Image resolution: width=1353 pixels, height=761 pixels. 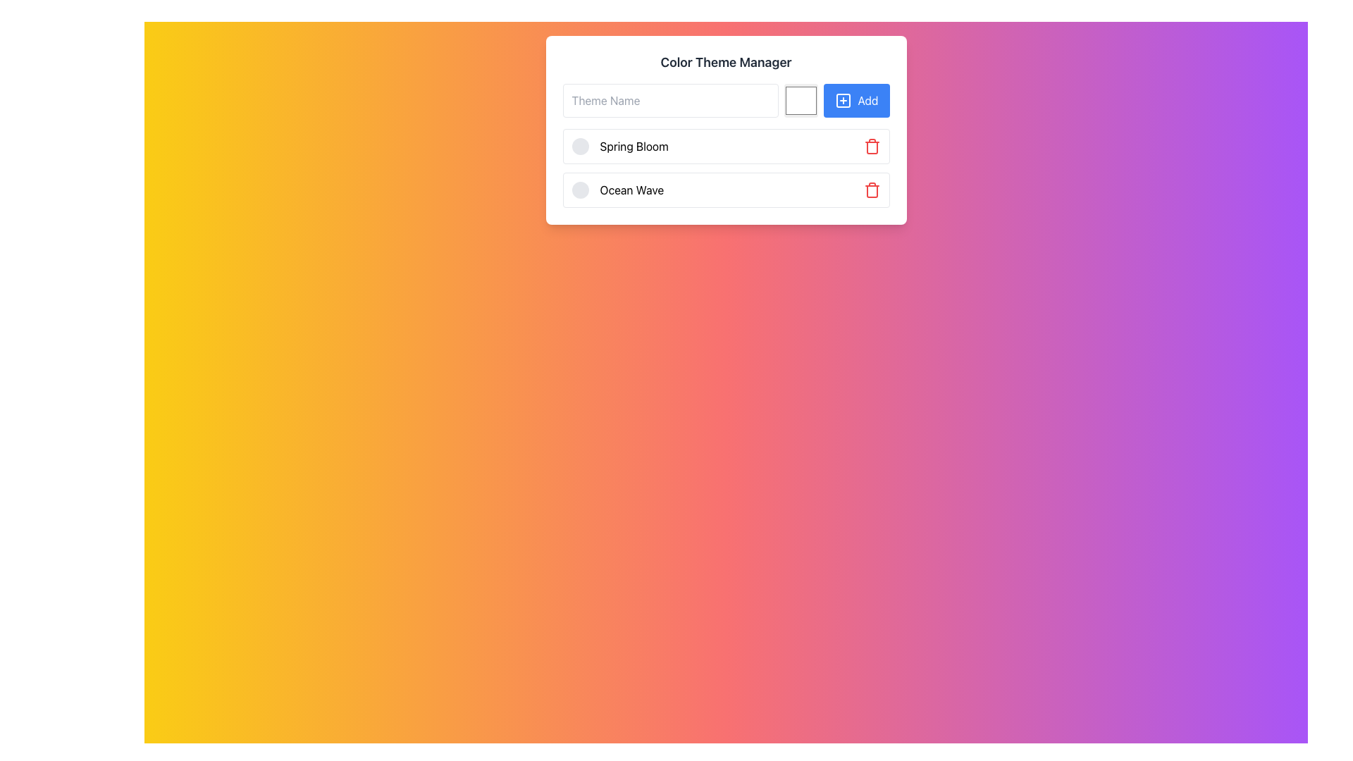 What do you see at coordinates (871, 147) in the screenshot?
I see `the delete button located in the rightmost section of the 'Spring Bloom' row under the 'Color Theme Manager'` at bounding box center [871, 147].